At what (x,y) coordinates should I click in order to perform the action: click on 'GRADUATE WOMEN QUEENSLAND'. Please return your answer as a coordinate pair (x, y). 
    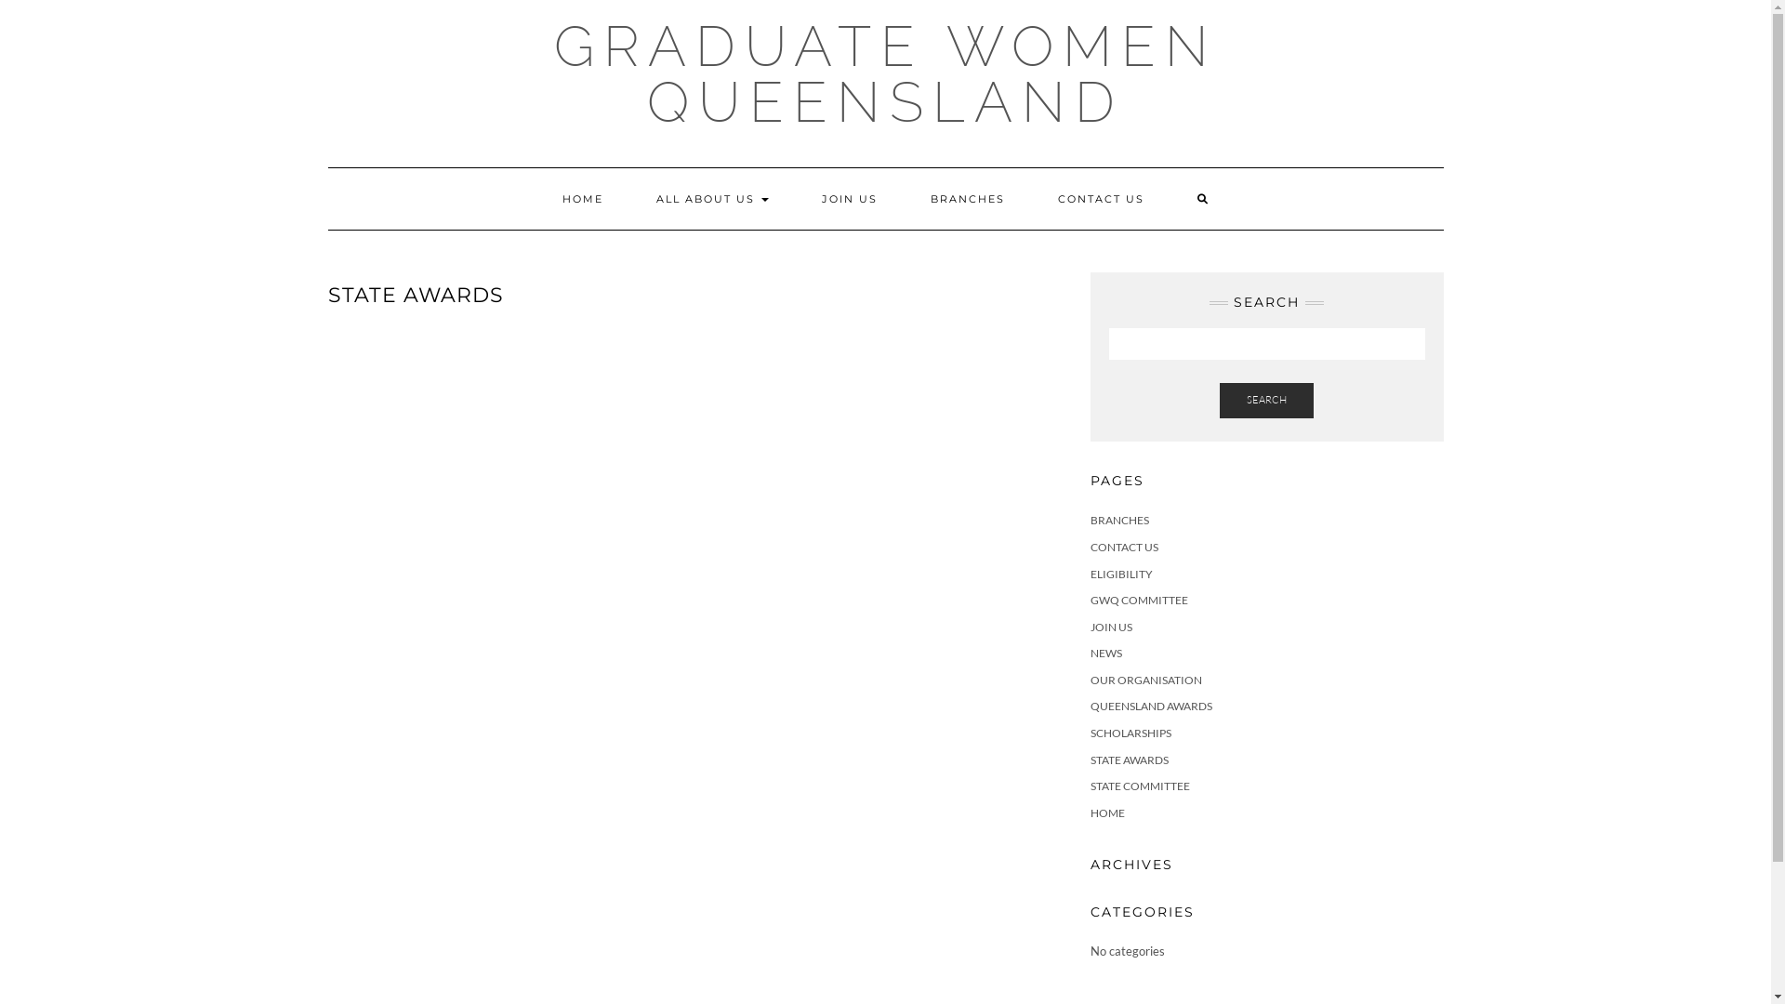
    Looking at the image, I should click on (885, 73).